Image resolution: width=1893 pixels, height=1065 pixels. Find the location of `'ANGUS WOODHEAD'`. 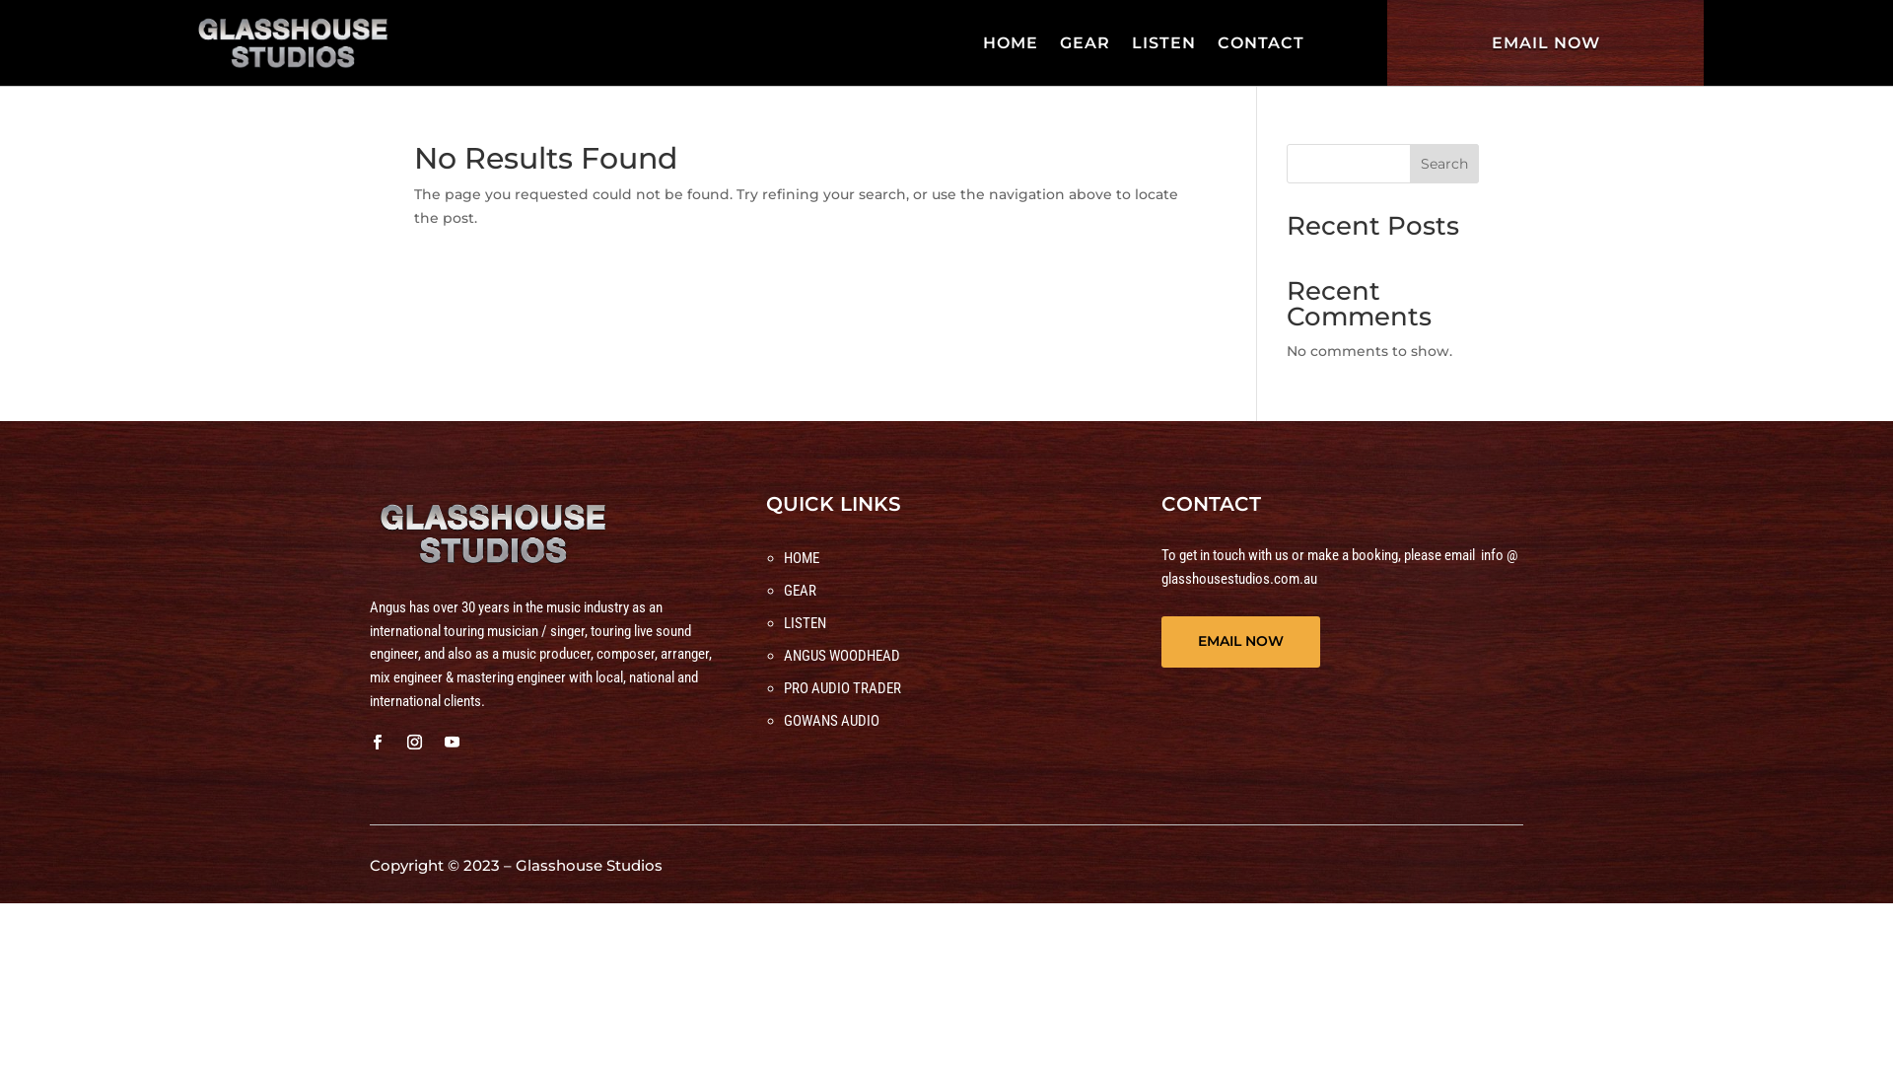

'ANGUS WOODHEAD' is located at coordinates (842, 655).